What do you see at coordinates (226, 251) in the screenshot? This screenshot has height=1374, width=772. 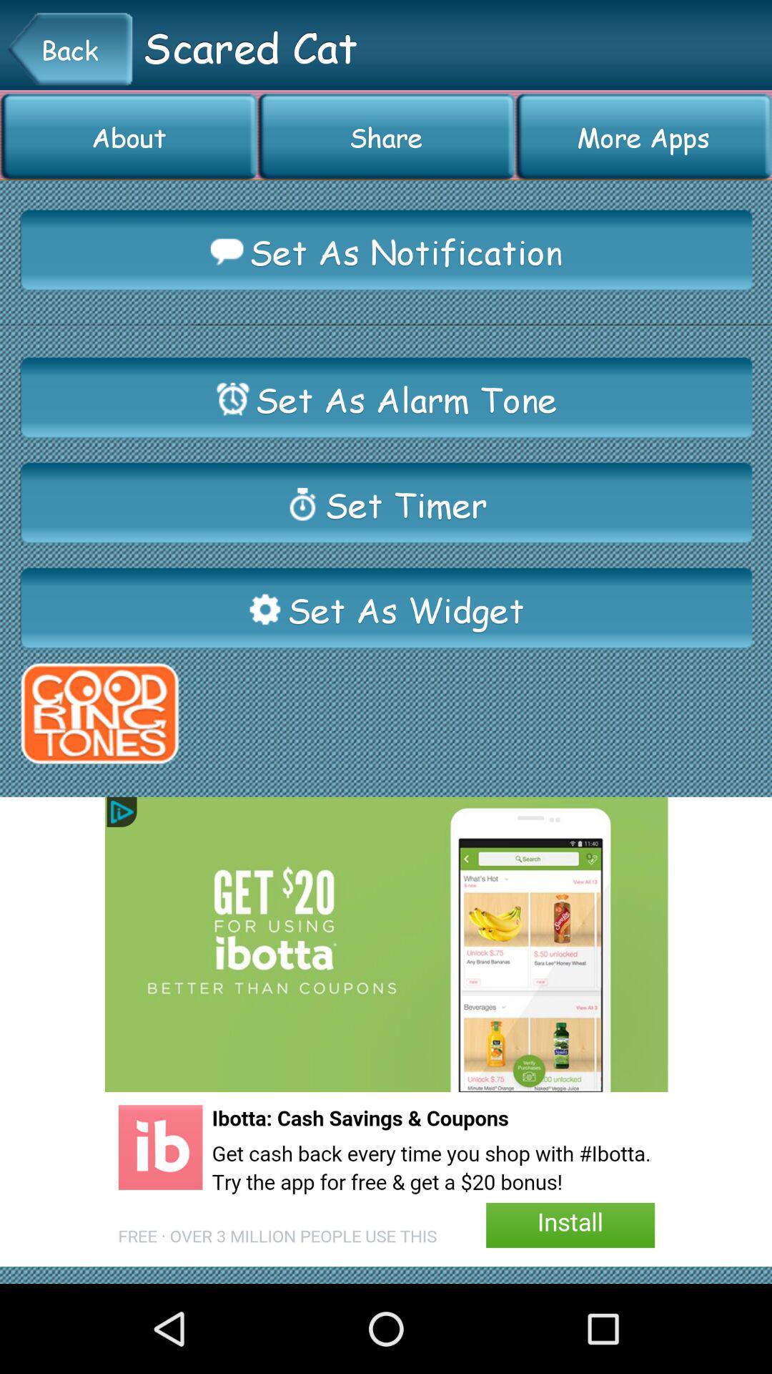 I see `the icon to the left of set as notification` at bounding box center [226, 251].